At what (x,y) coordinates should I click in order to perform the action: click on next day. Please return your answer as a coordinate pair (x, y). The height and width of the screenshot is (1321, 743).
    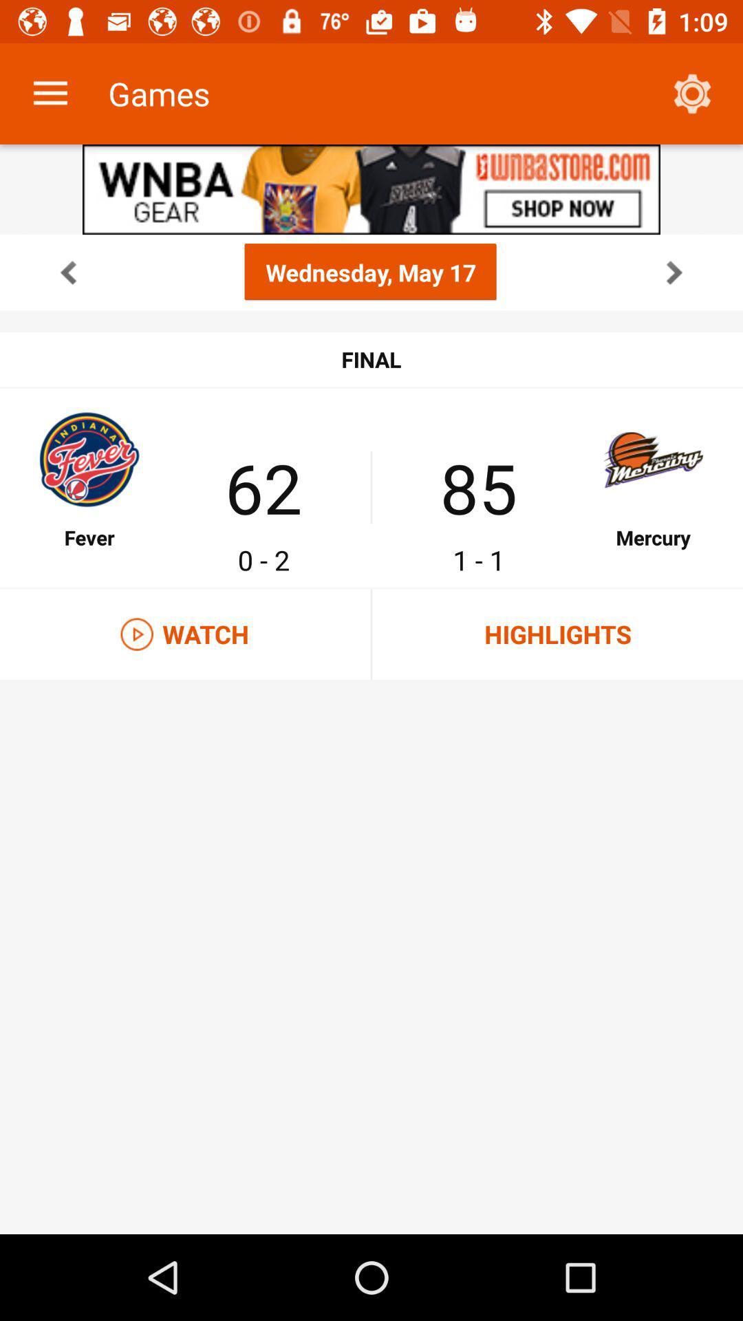
    Looking at the image, I should click on (674, 272).